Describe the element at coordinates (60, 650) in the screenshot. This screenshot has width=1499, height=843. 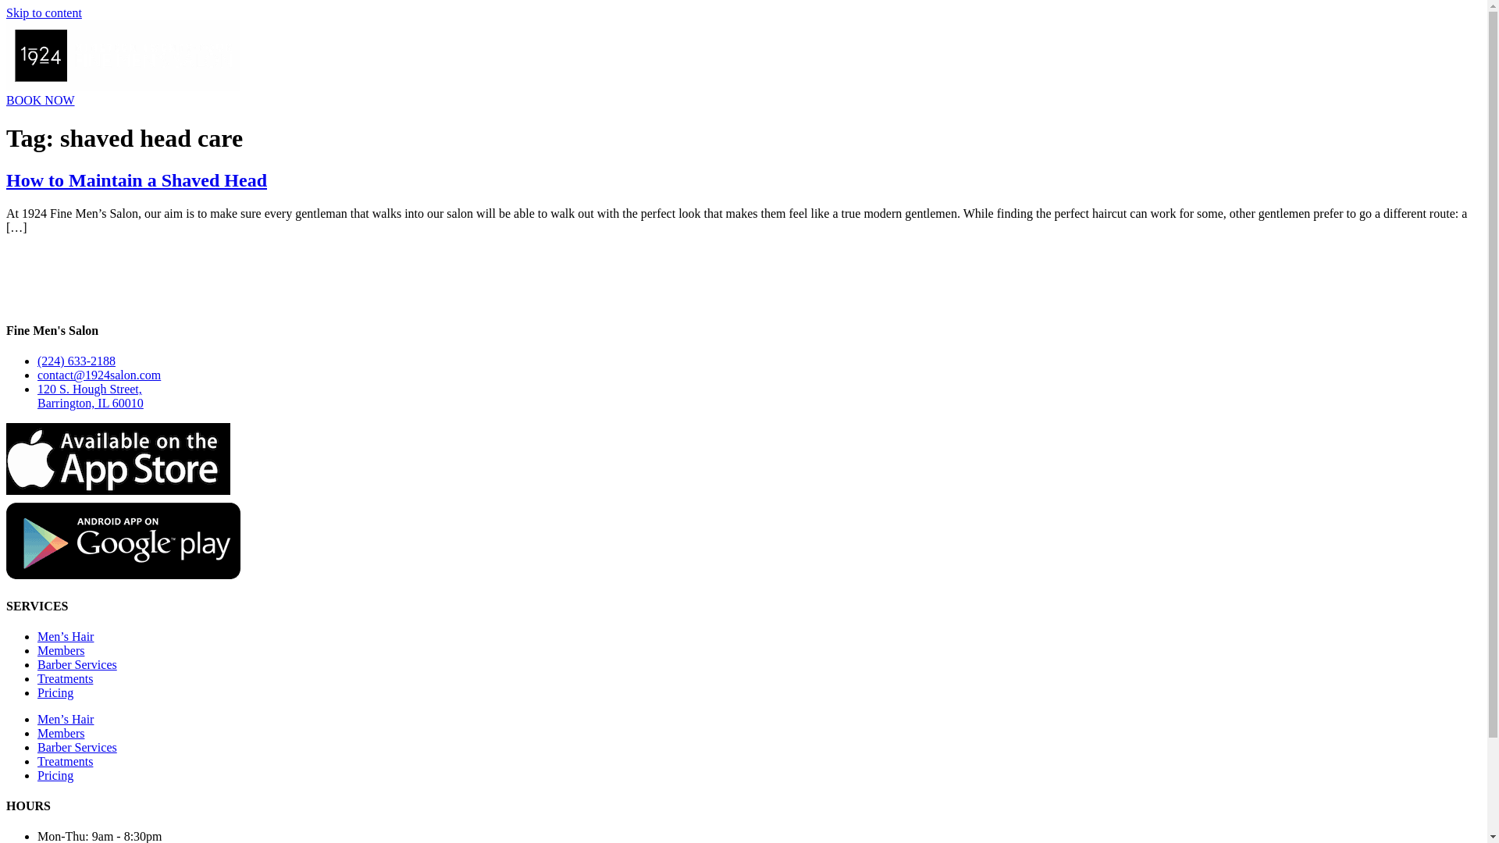
I see `'Members'` at that location.